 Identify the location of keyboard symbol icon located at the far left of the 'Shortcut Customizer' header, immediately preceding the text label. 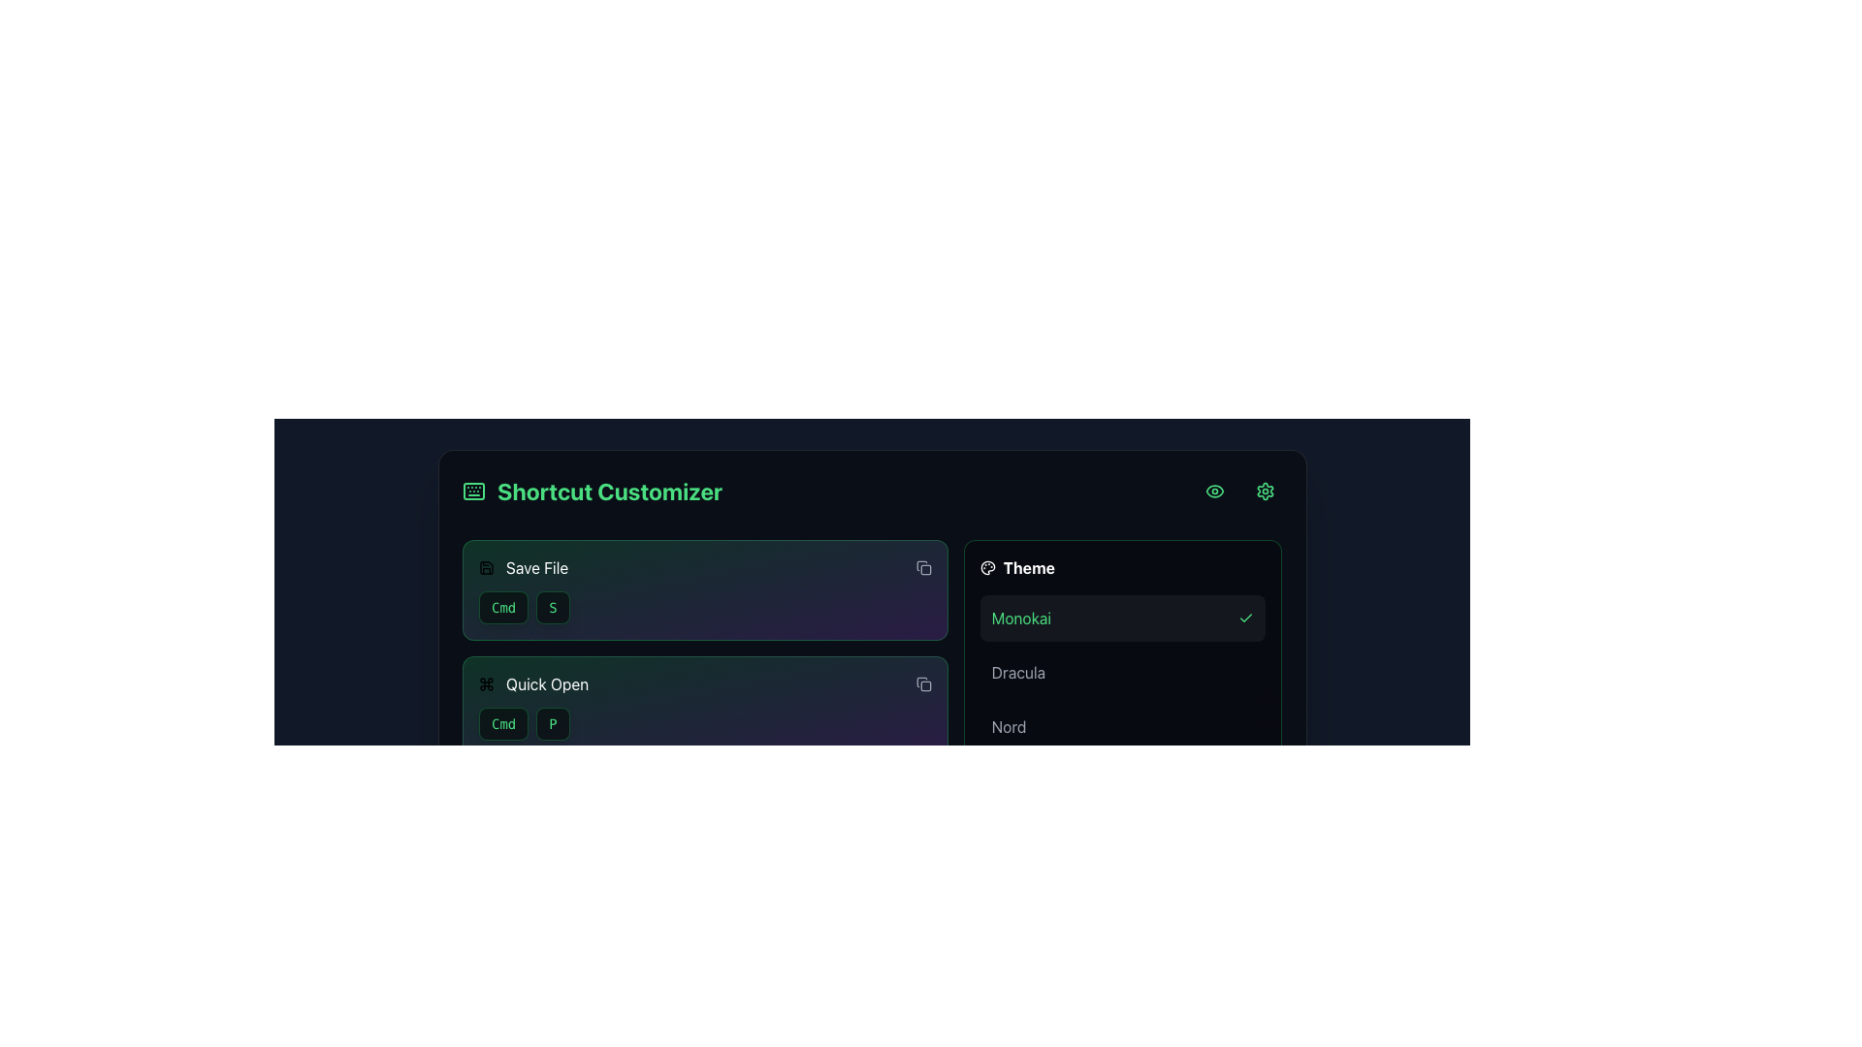
(473, 490).